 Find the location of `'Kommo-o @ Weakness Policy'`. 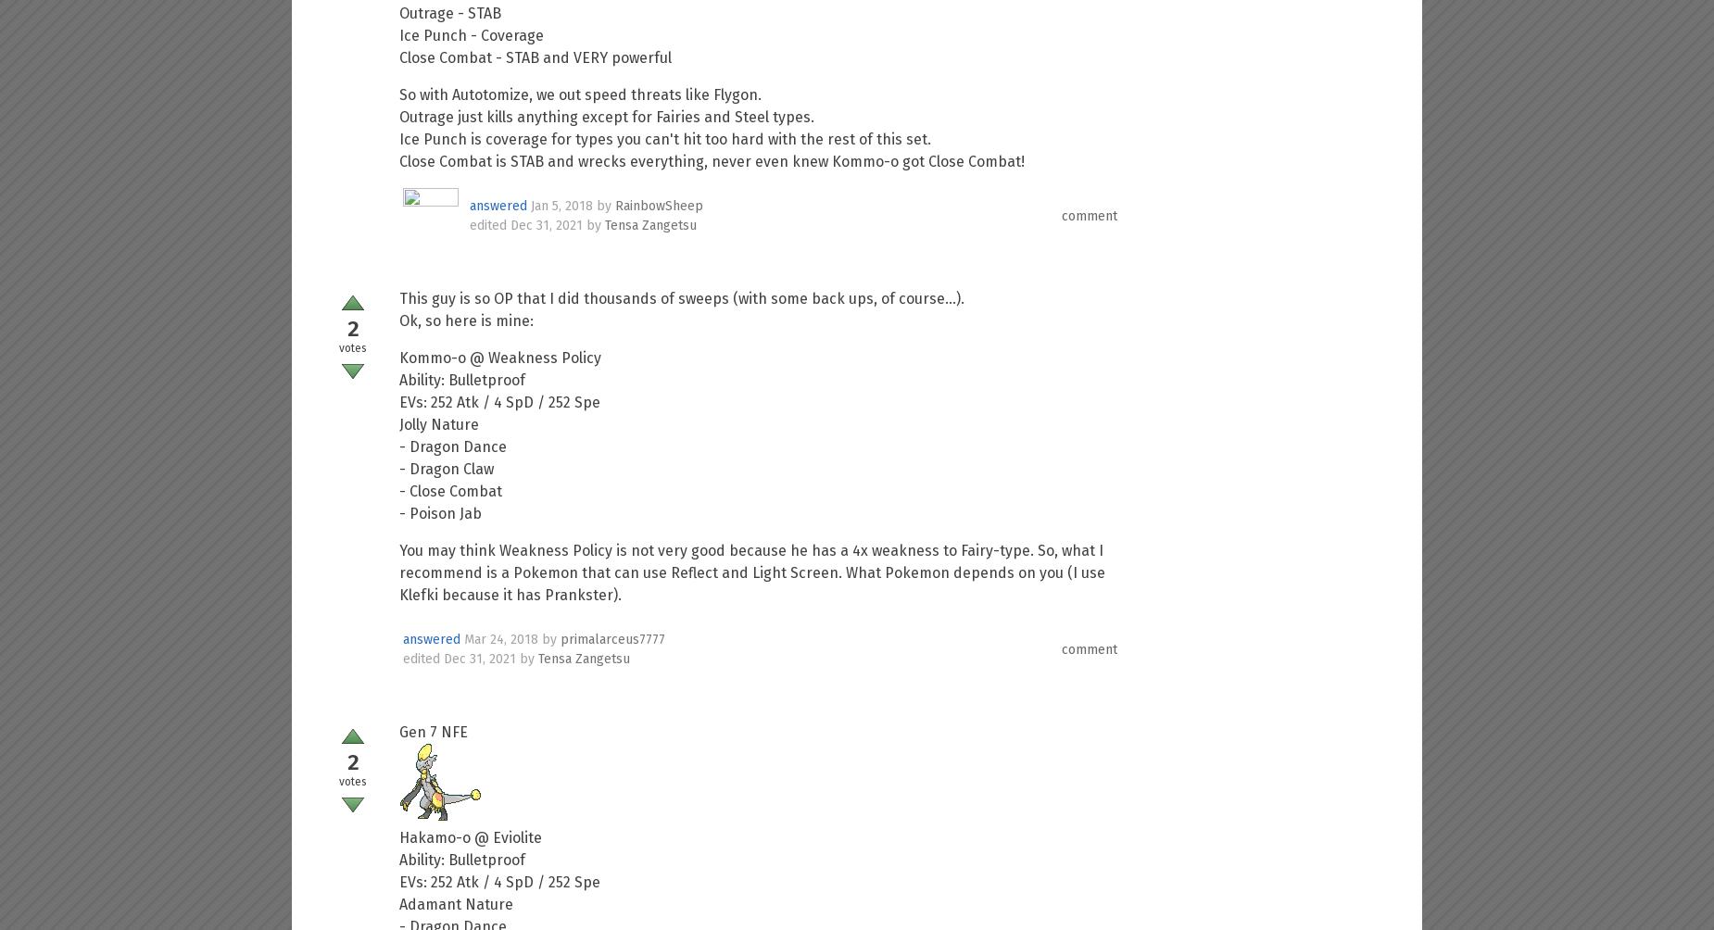

'Kommo-o @ Weakness Policy' is located at coordinates (500, 357).